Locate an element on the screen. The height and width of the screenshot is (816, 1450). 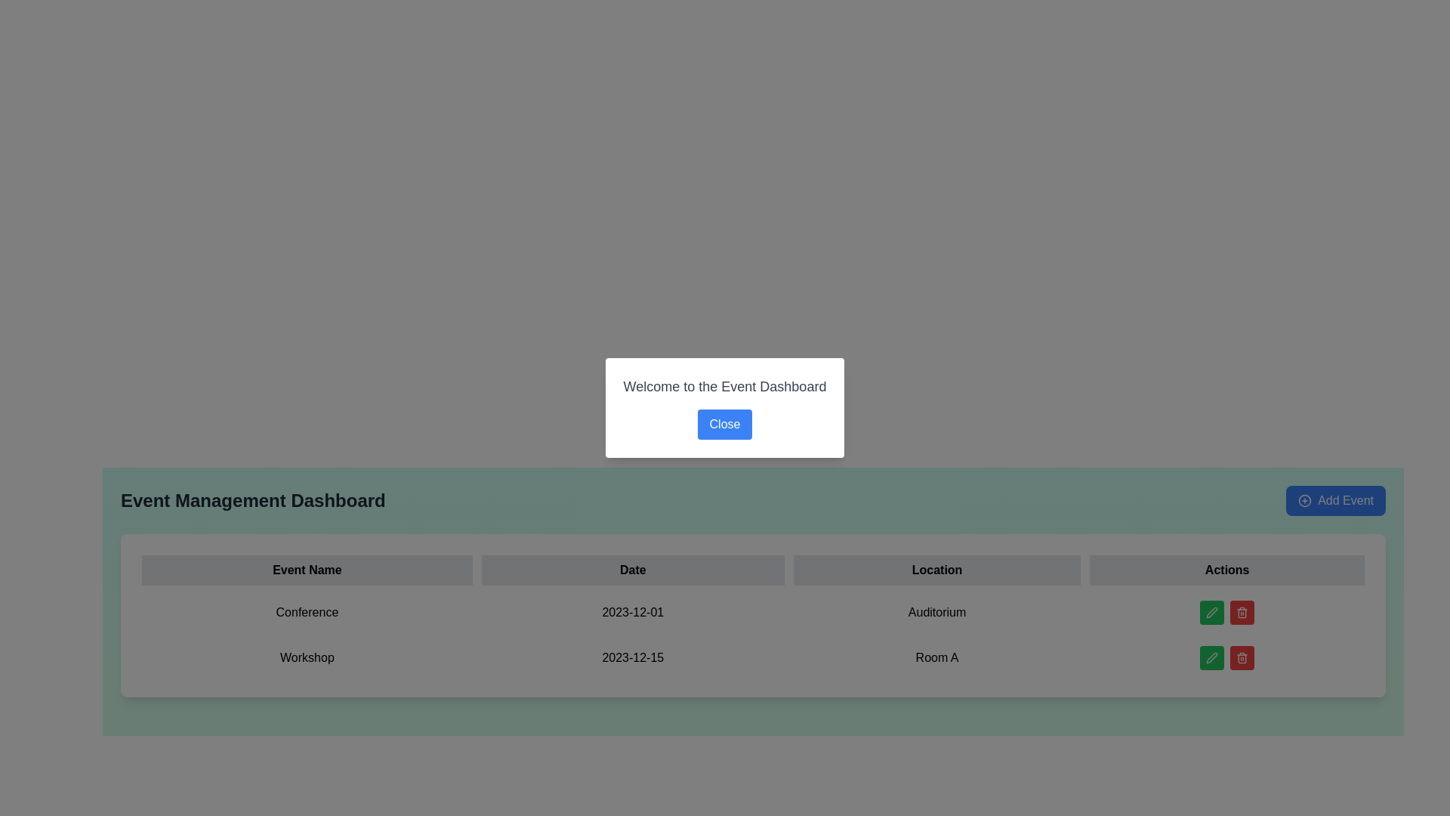
the small white pen icon within the green button located in the 'Actions' column for 'Room A' to invoke the edit functionality is located at coordinates (1212, 657).